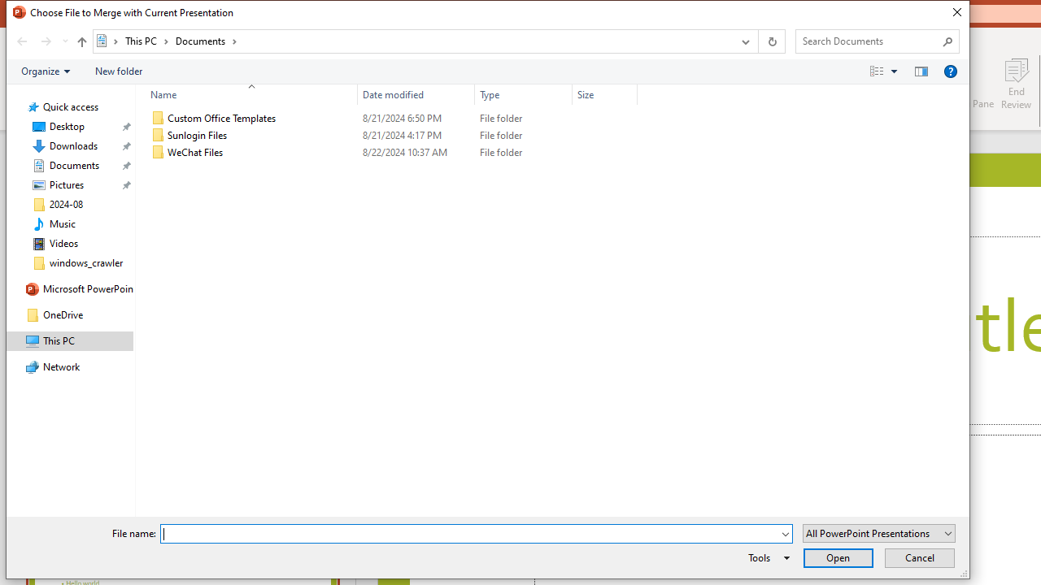 The image size is (1041, 585). Describe the element at coordinates (468, 534) in the screenshot. I see `'File name:'` at that location.